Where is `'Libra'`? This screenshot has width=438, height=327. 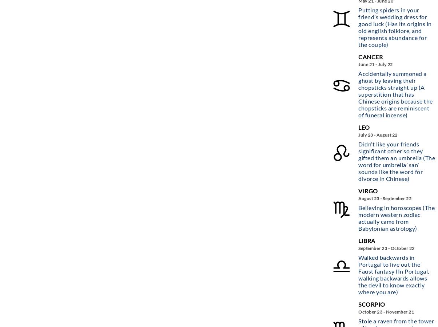 'Libra' is located at coordinates (366, 240).